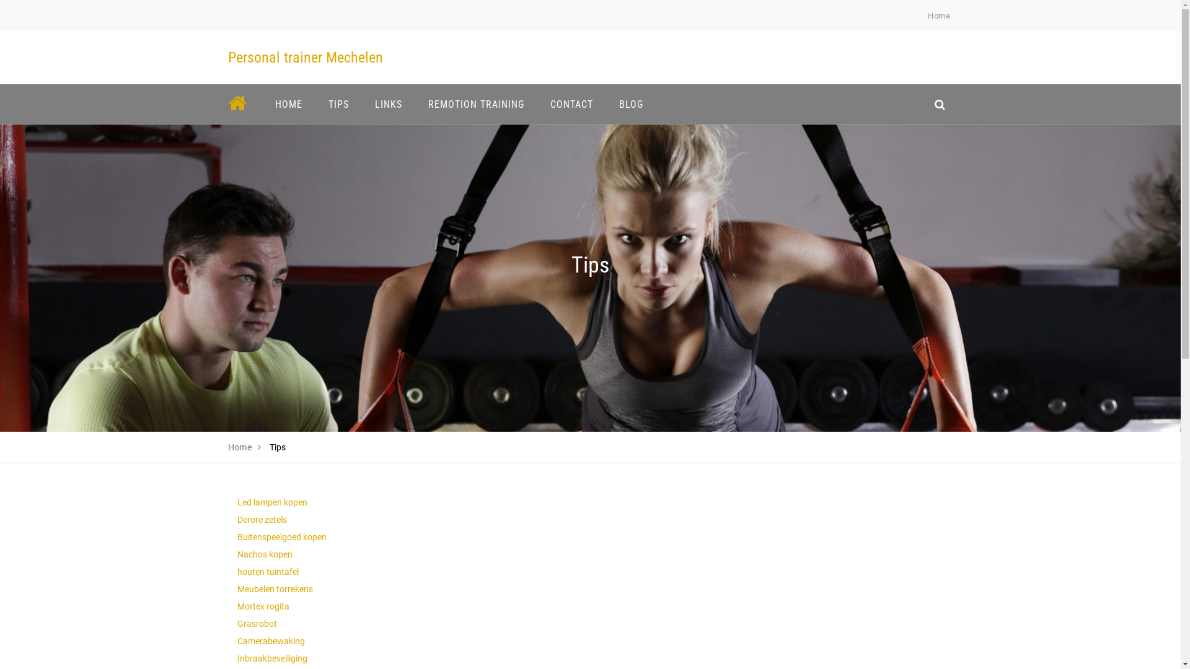  I want to click on 'Camerabewaking', so click(237, 641).